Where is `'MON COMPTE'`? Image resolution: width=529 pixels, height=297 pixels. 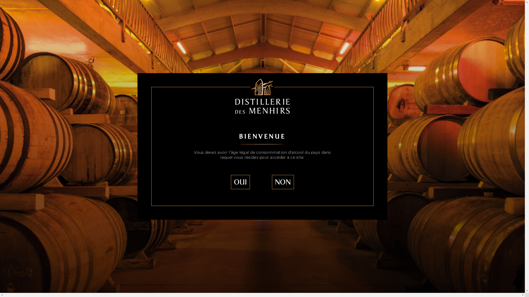
'MON COMPTE' is located at coordinates (477, 13).